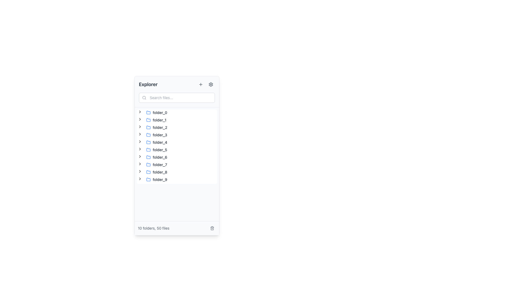 The image size is (510, 287). Describe the element at coordinates (140, 134) in the screenshot. I see `the right-facing chevron icon located to the left of the 'folder_3' label` at that location.